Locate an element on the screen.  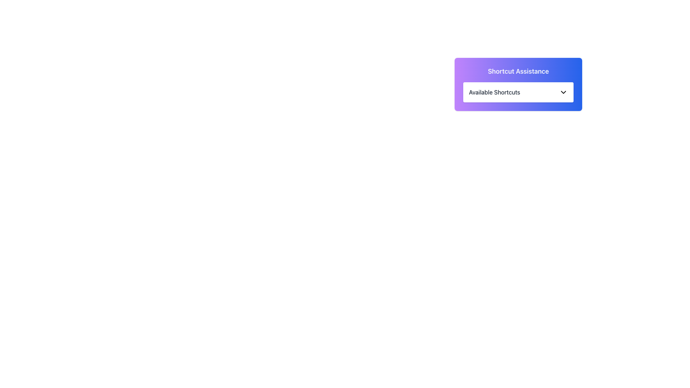
the dropdown menu labeled 'Available Shortcuts' is located at coordinates (518, 92).